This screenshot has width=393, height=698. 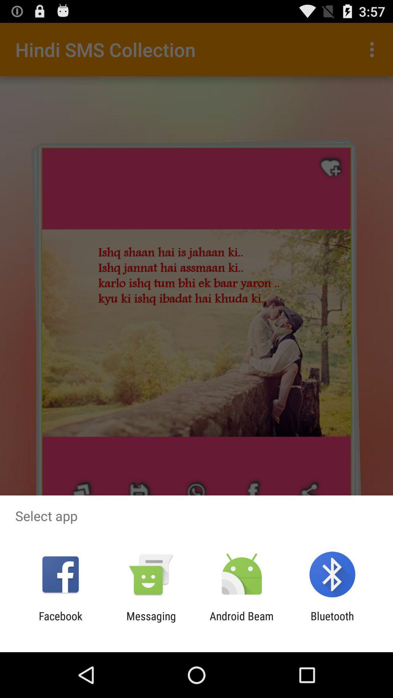 I want to click on the messaging item, so click(x=151, y=622).